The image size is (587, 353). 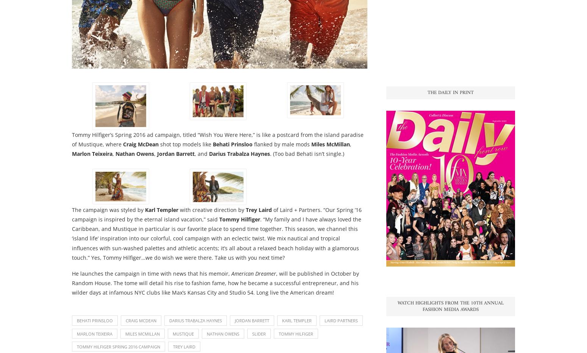 What do you see at coordinates (212, 209) in the screenshot?
I see `'with creative direction by'` at bounding box center [212, 209].